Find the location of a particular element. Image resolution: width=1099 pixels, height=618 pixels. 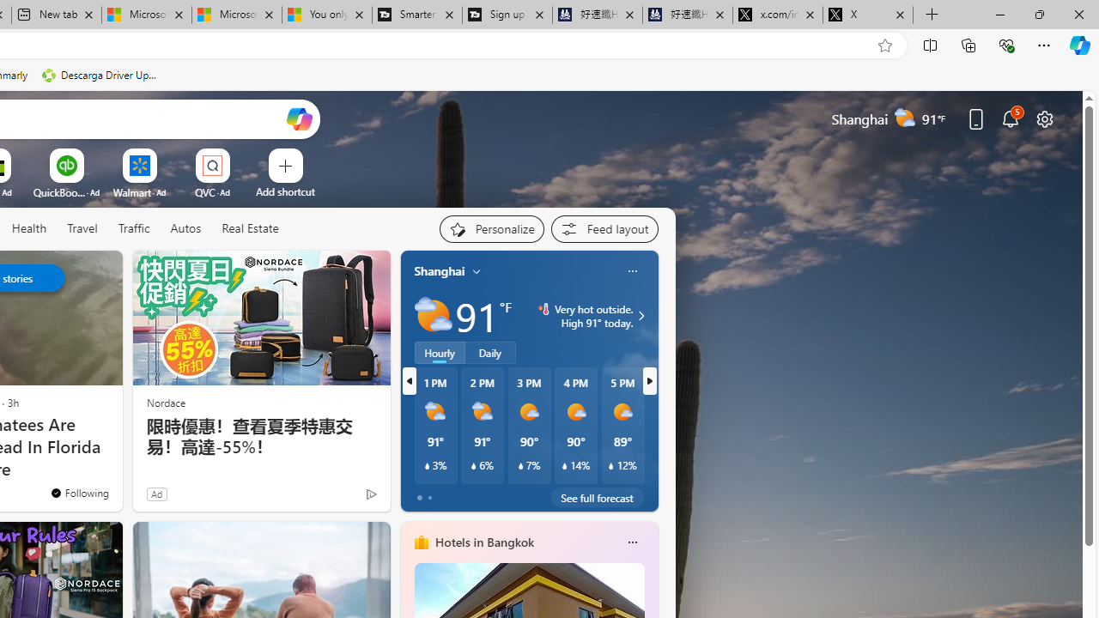

'previous' is located at coordinates (408, 379).